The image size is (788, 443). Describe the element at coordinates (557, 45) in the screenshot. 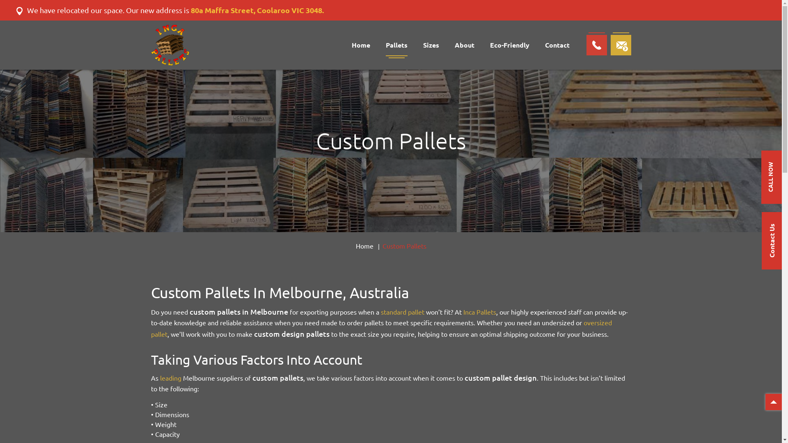

I see `'Contact'` at that location.